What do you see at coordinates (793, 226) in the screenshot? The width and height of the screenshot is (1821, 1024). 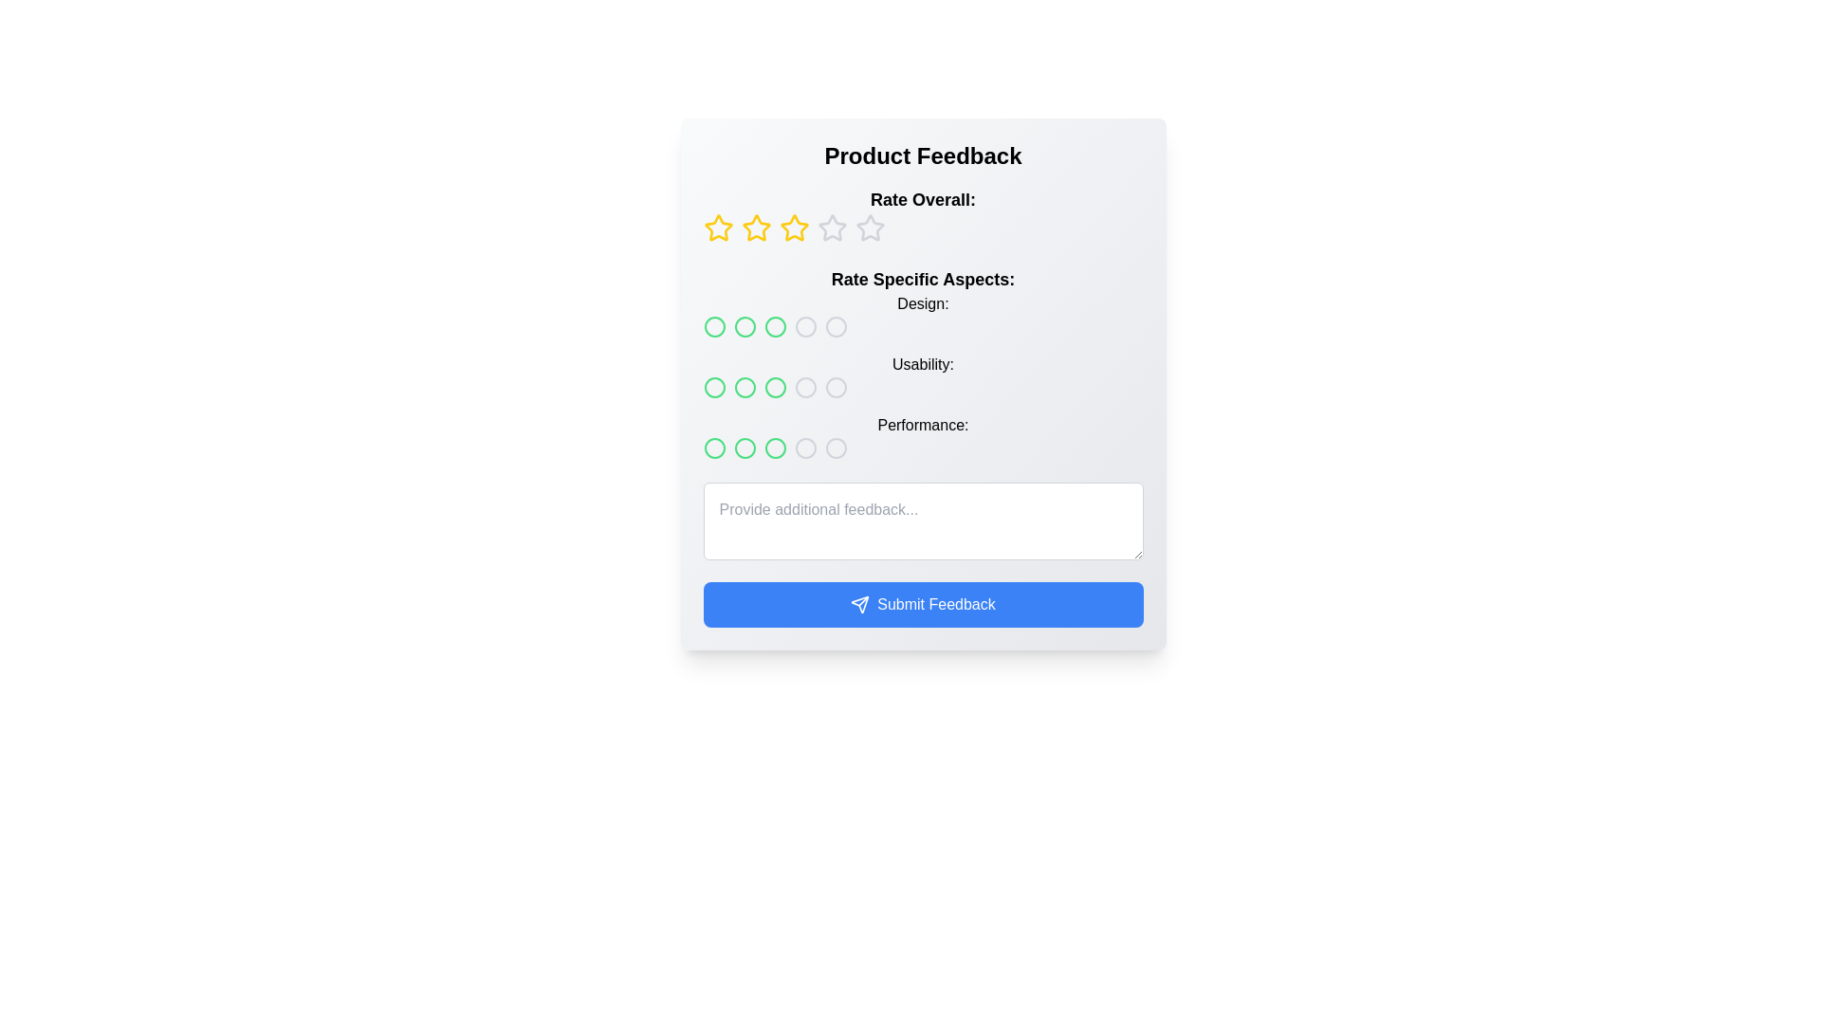 I see `the third star icon with a hollow yellow outline` at bounding box center [793, 226].